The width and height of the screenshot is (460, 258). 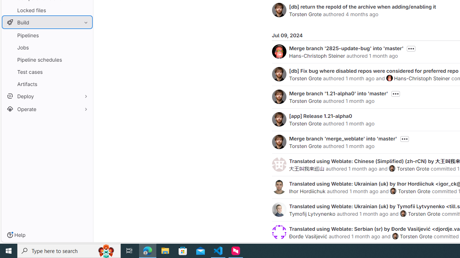 What do you see at coordinates (346, 48) in the screenshot?
I see `'Merge branch '` at bounding box center [346, 48].